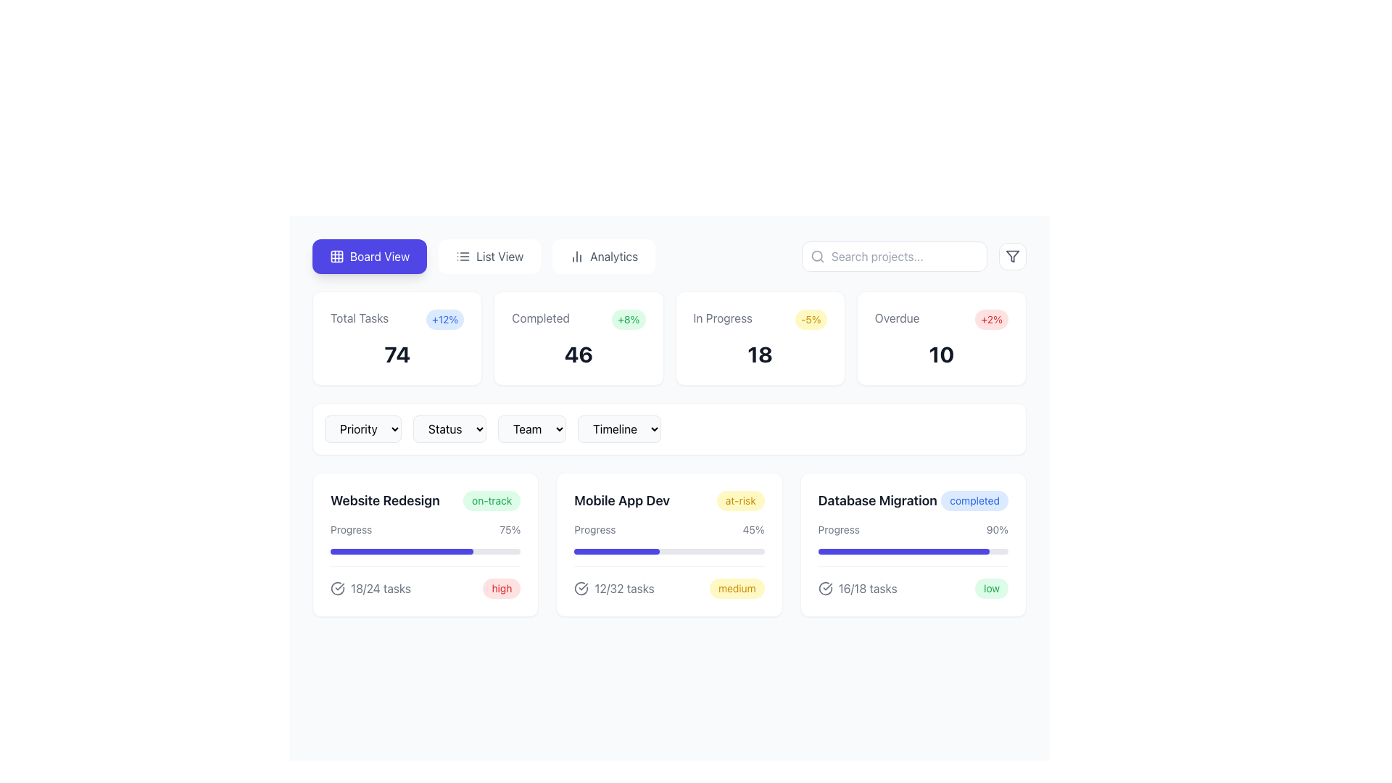  Describe the element at coordinates (737, 589) in the screenshot. I see `the medium priority badge located within the 'Mobile App Dev' card in the second column of the dashboard, positioned below the progress bar and to the right of '12/32 tasks'` at that location.